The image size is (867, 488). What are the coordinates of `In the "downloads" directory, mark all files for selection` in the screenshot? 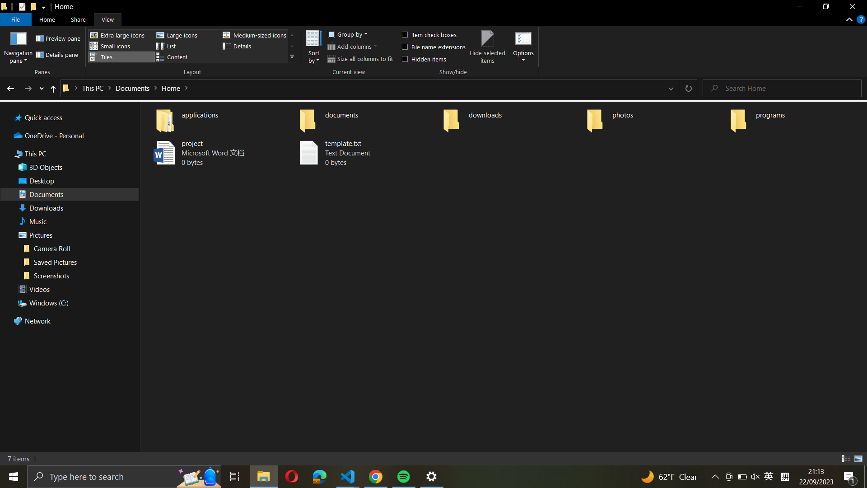 It's located at (511, 118).